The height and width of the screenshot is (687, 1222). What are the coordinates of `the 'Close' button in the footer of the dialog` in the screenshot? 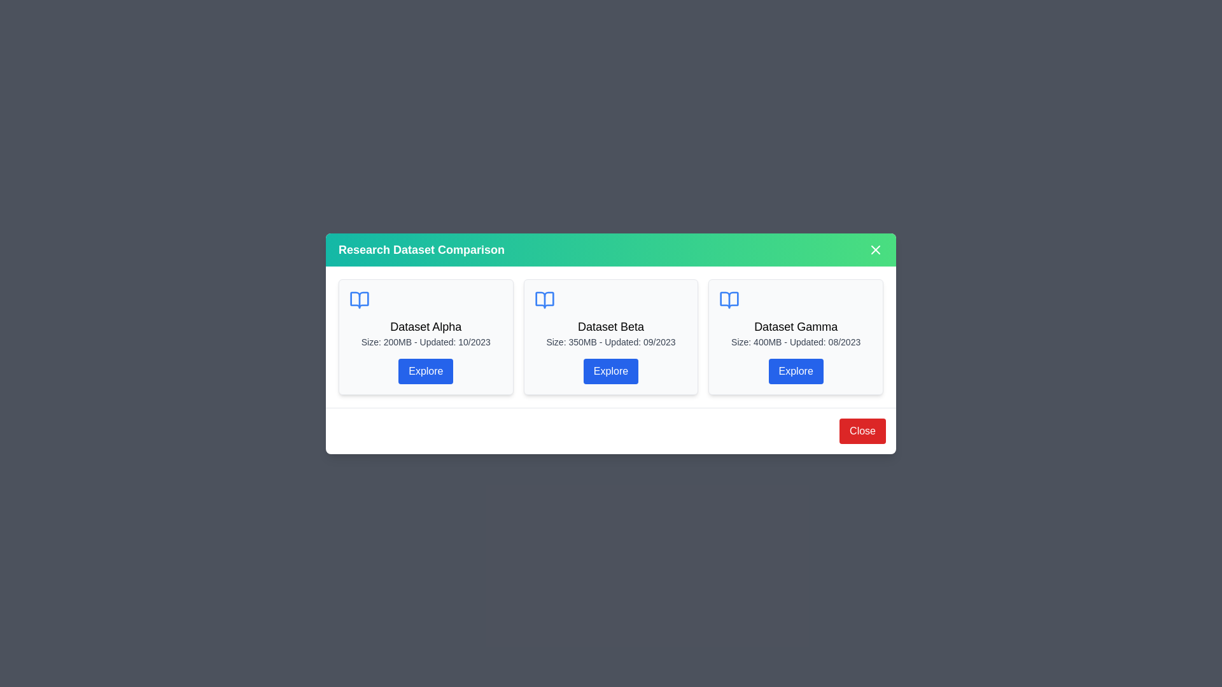 It's located at (862, 430).